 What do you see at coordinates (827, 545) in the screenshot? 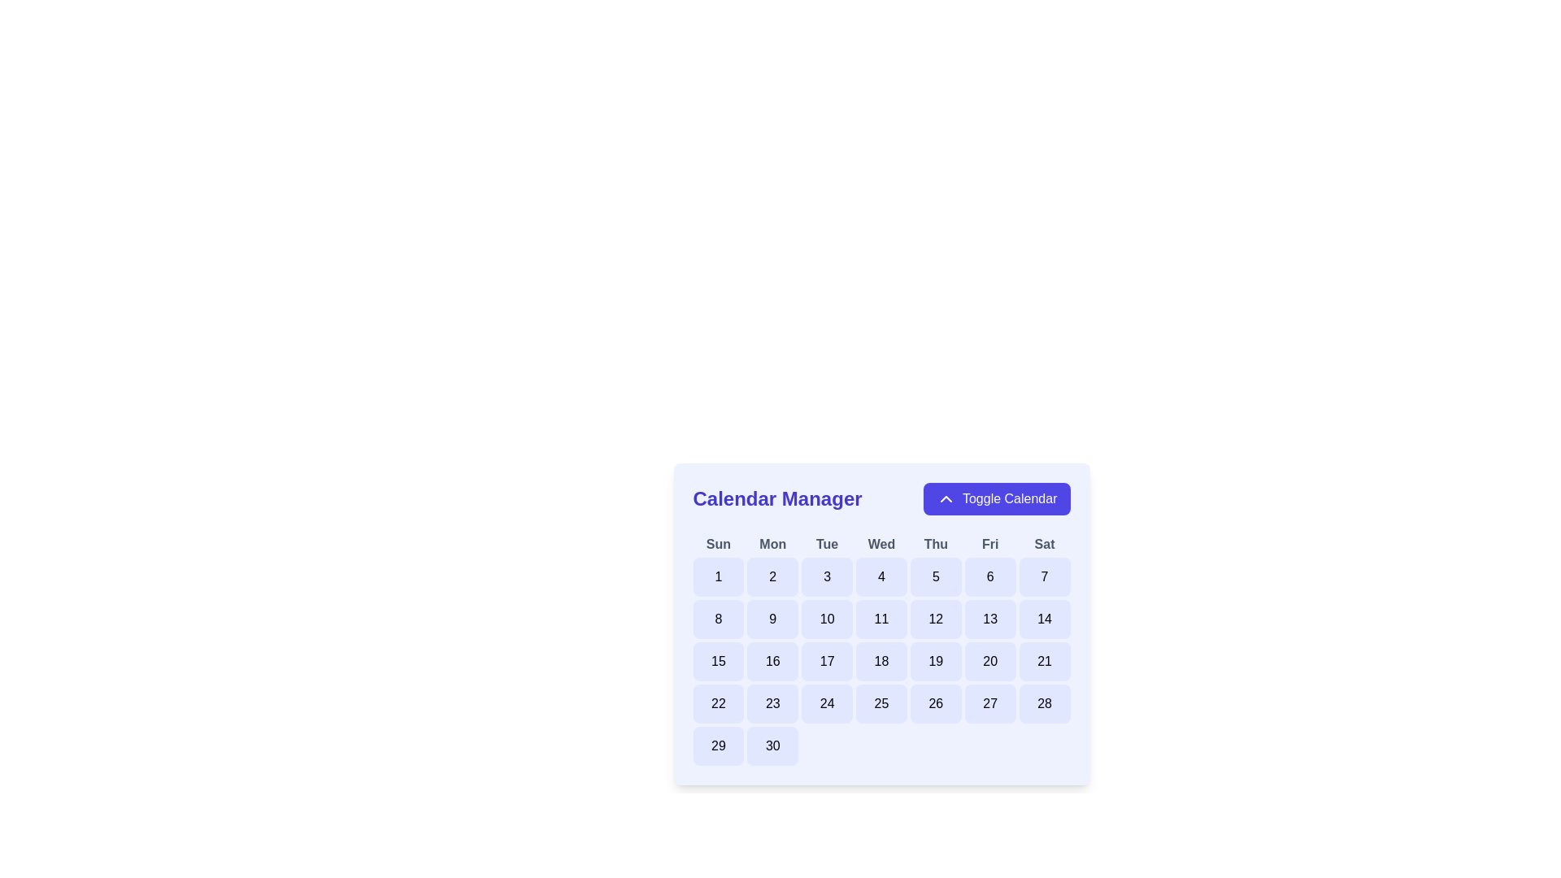
I see `the header label indicating Tuesday in the calendar view, which is the third item in a row of day abbreviations located at the top of the calendar grid` at bounding box center [827, 545].